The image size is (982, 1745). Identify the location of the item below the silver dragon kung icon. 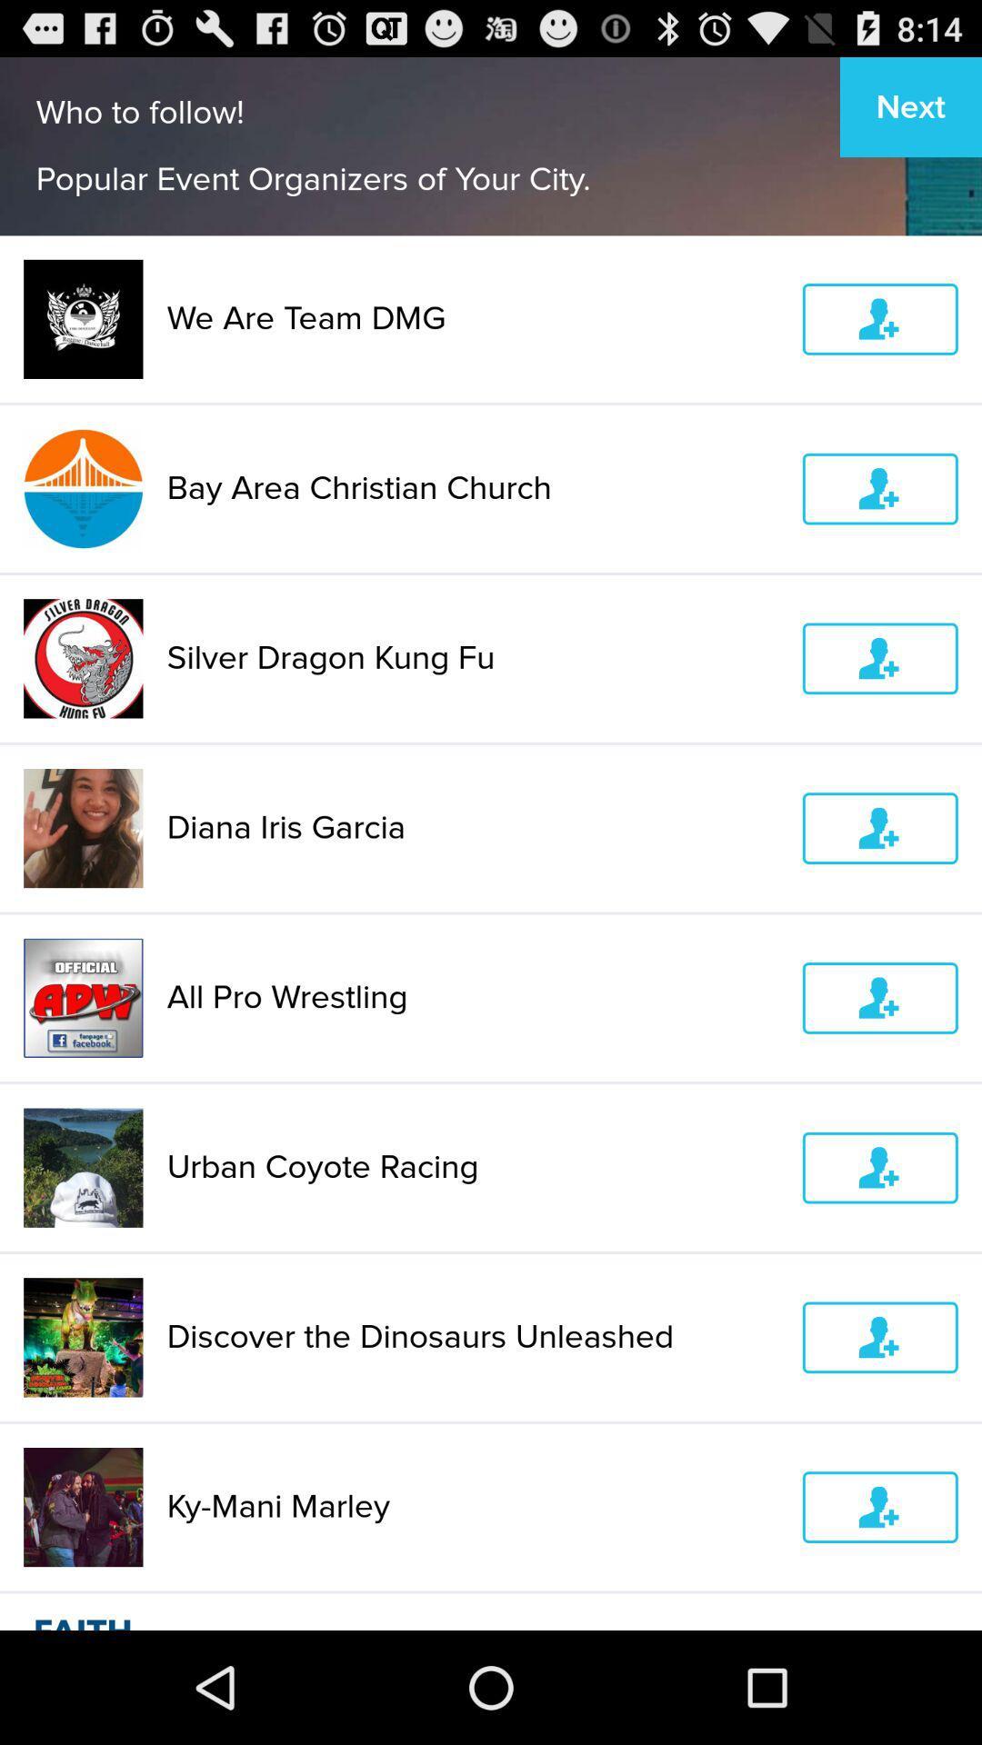
(472, 827).